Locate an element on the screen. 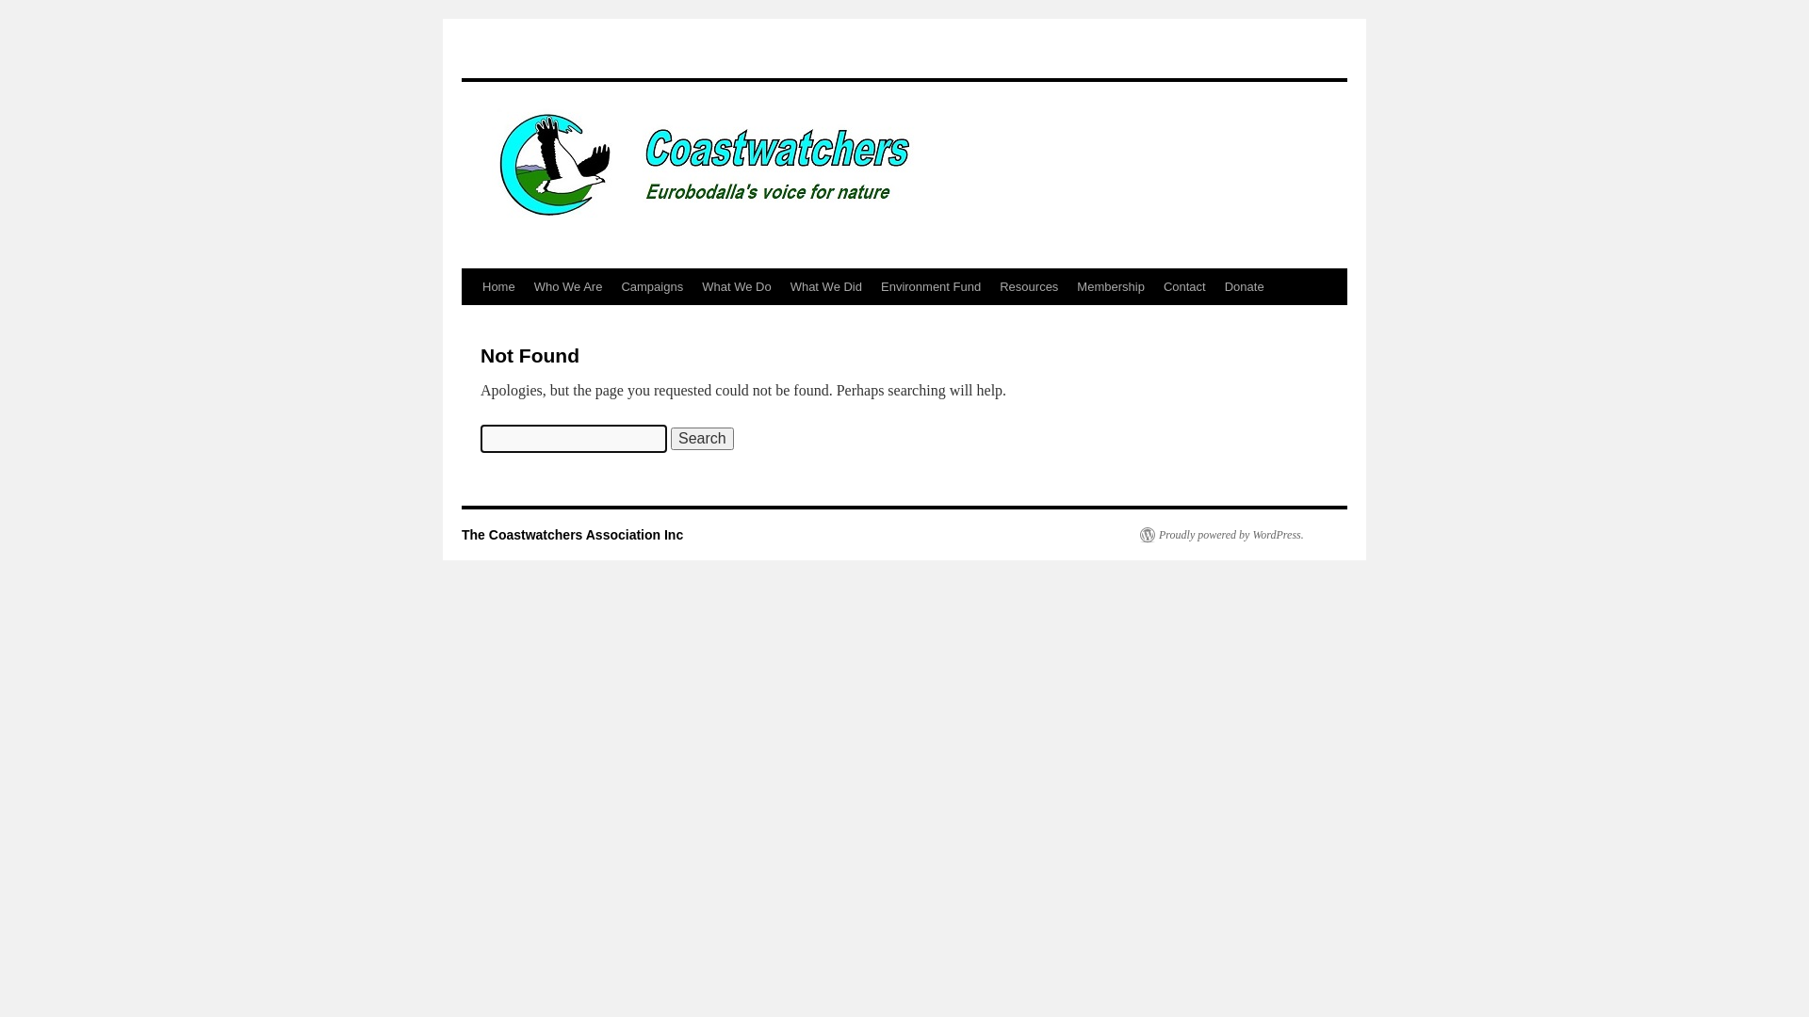 Image resolution: width=1809 pixels, height=1017 pixels. 'What We Did' is located at coordinates (826, 286).